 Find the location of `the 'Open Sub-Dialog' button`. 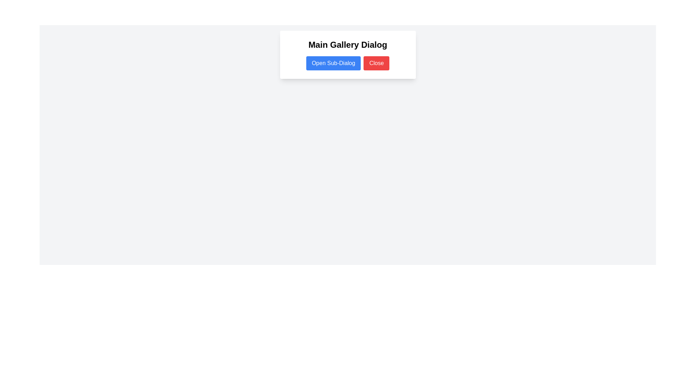

the 'Open Sub-Dialog' button is located at coordinates (333, 63).